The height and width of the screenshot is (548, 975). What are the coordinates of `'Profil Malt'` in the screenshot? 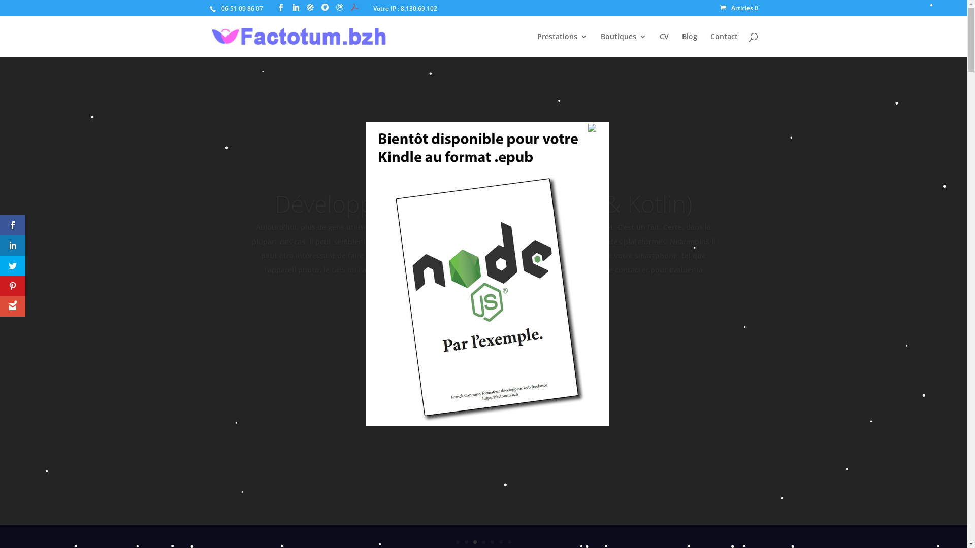 It's located at (309, 8).